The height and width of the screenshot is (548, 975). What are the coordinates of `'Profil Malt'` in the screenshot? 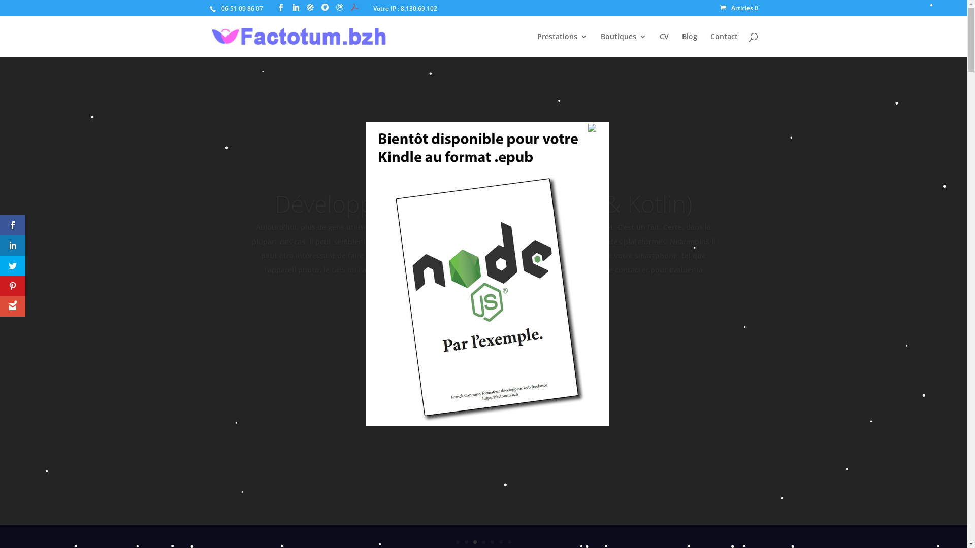 It's located at (309, 8).